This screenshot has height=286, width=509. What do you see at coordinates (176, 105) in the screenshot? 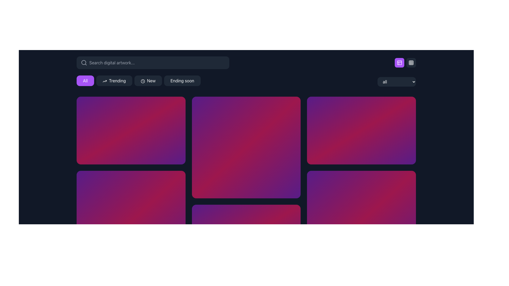
I see `the zoom button located at the top-right corner of the card, which is the second button in a horizontal group of buttons` at bounding box center [176, 105].